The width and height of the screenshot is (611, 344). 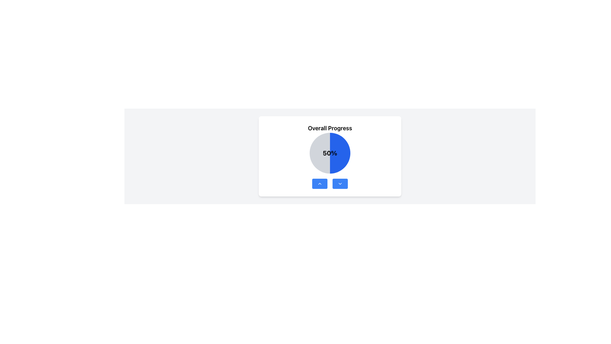 What do you see at coordinates (320, 184) in the screenshot?
I see `the upward-pointing chevron SVG icon, which is centered inside the left blue button below the progress chart` at bounding box center [320, 184].